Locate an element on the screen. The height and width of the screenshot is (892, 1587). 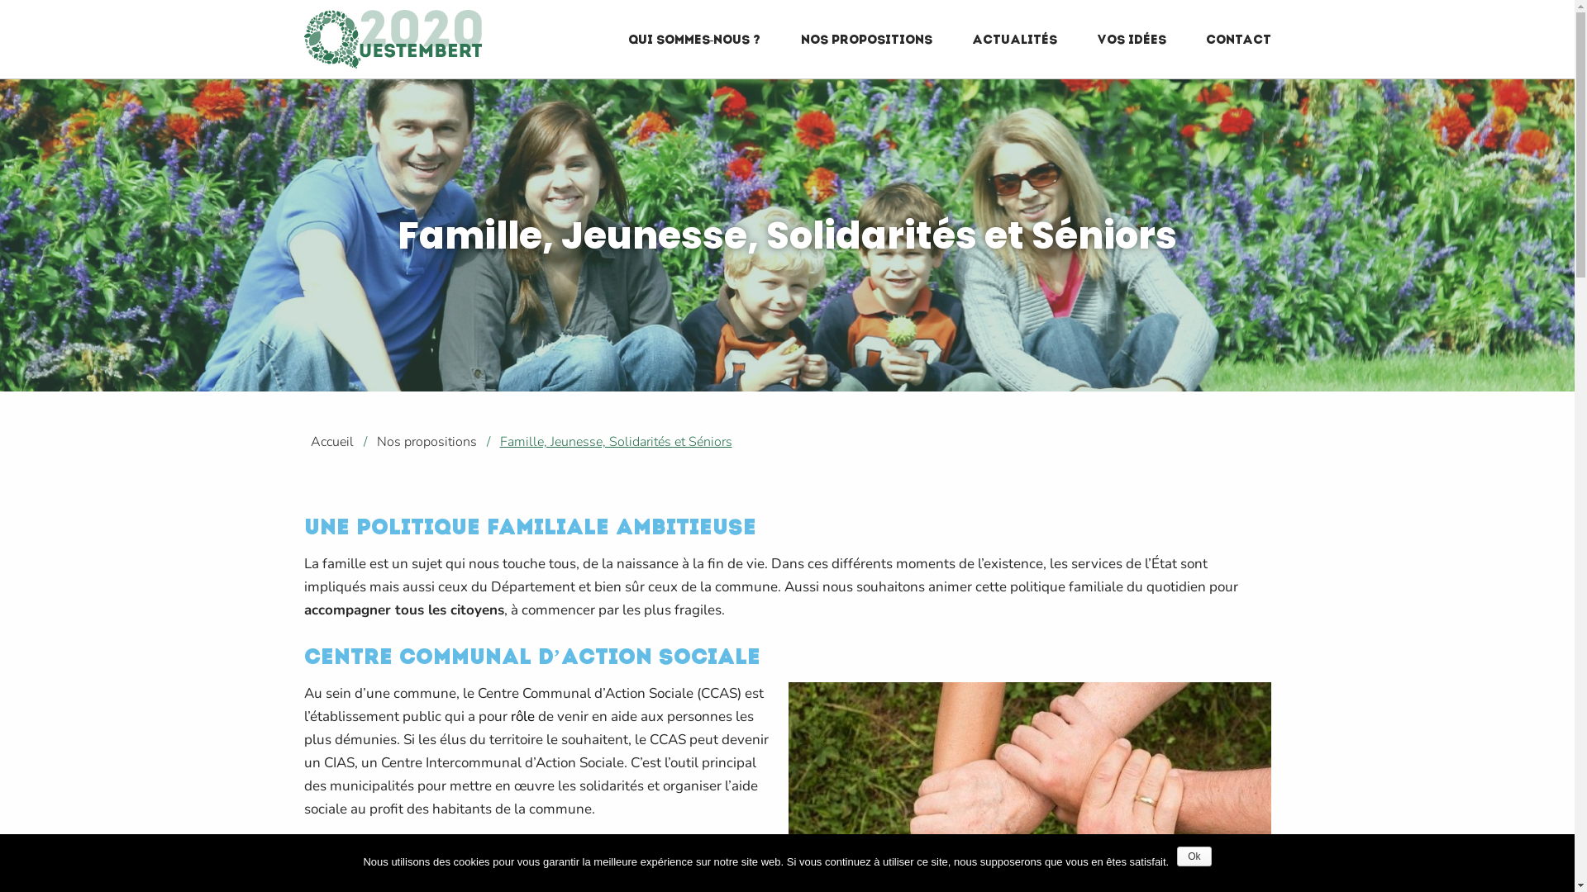
'Nos propositions' is located at coordinates (369, 441).